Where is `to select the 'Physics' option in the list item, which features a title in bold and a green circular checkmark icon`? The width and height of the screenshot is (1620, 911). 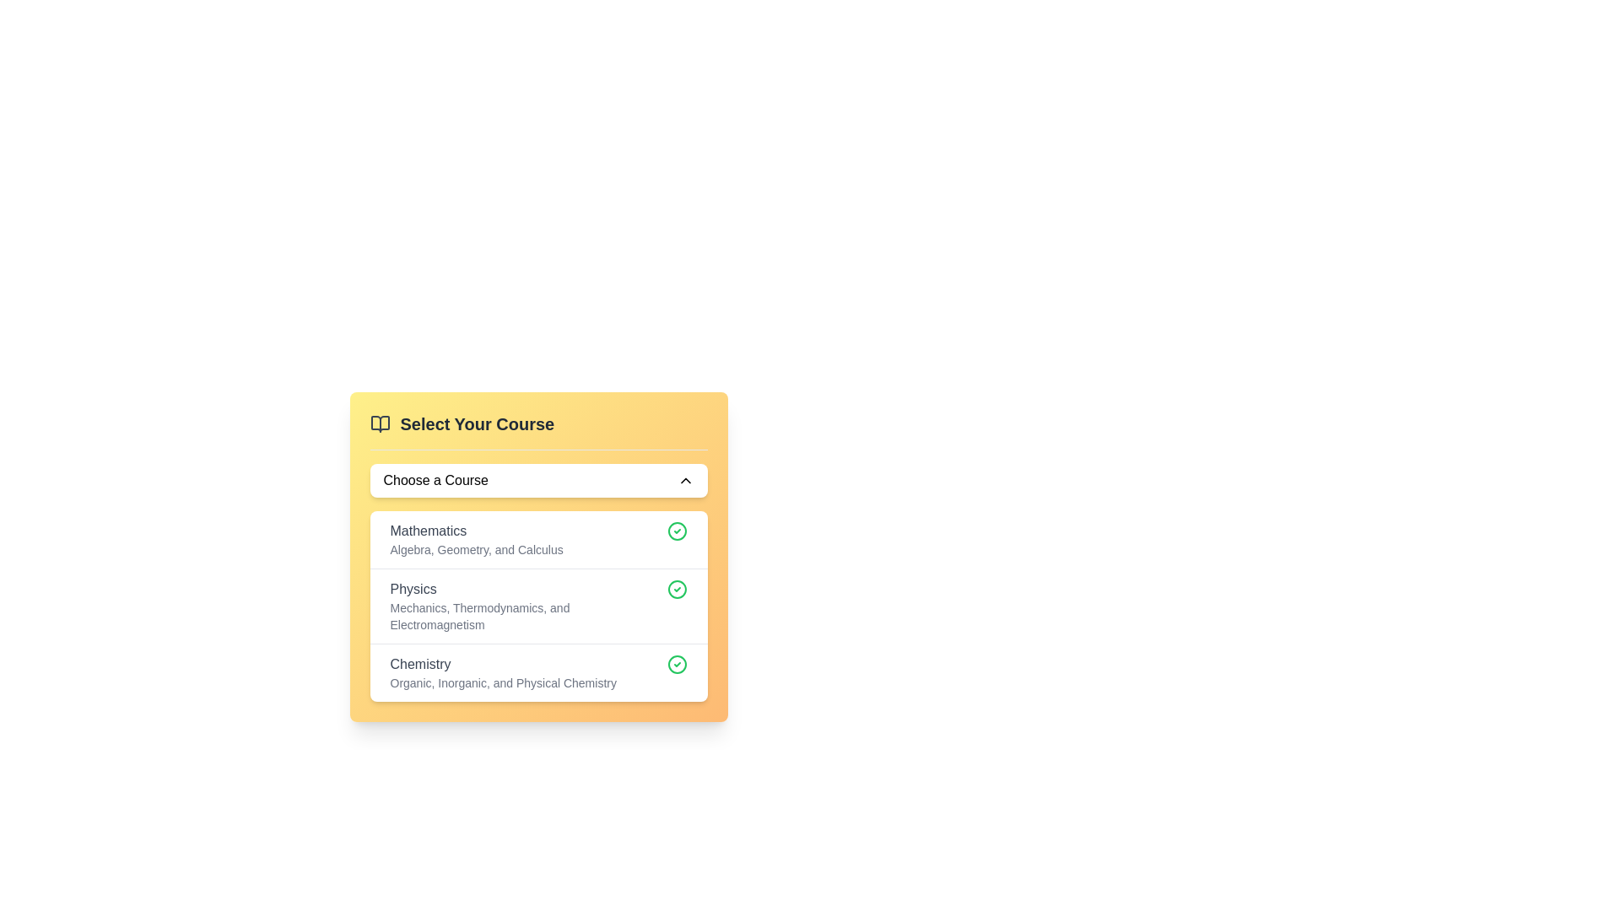 to select the 'Physics' option in the list item, which features a title in bold and a green circular checkmark icon is located at coordinates (537, 605).